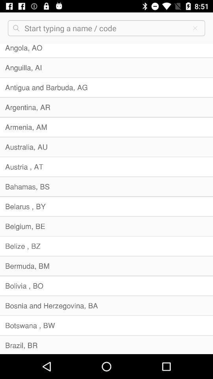 This screenshot has width=213, height=379. What do you see at coordinates (105, 28) in the screenshot?
I see `search area code` at bounding box center [105, 28].